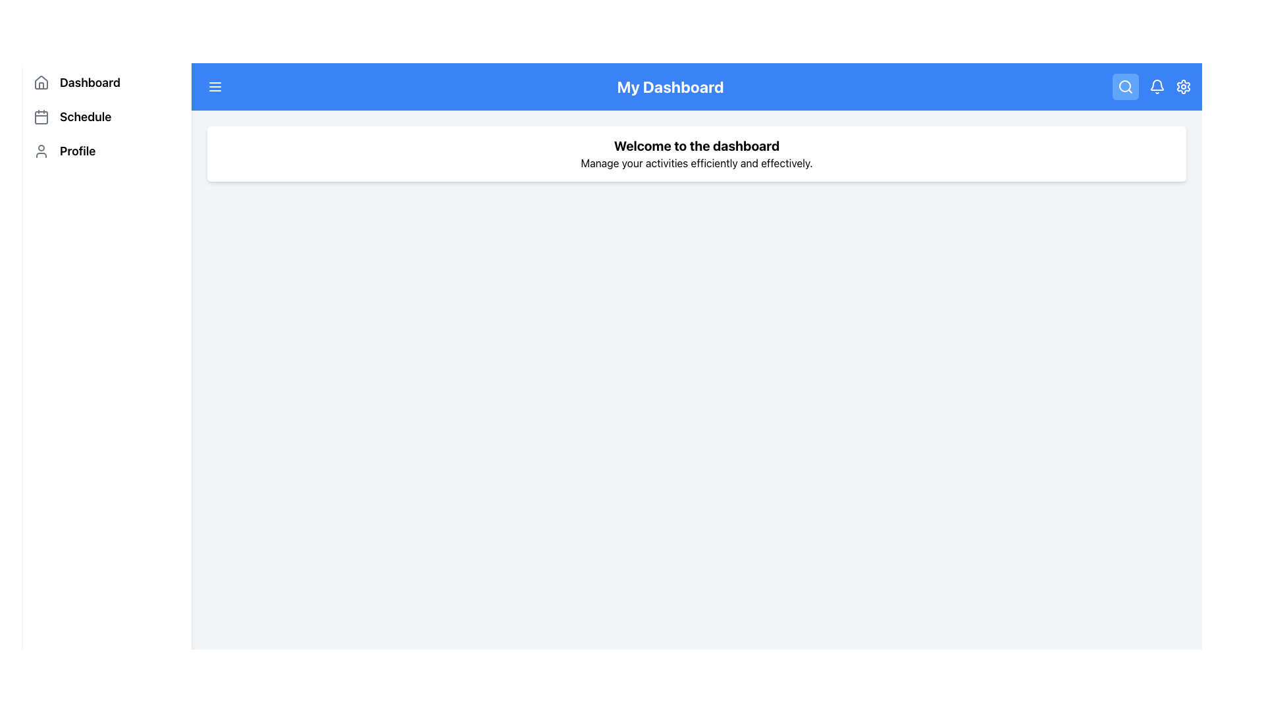  I want to click on the 'Schedule' list item in the vertical navigation bar, so click(107, 116).